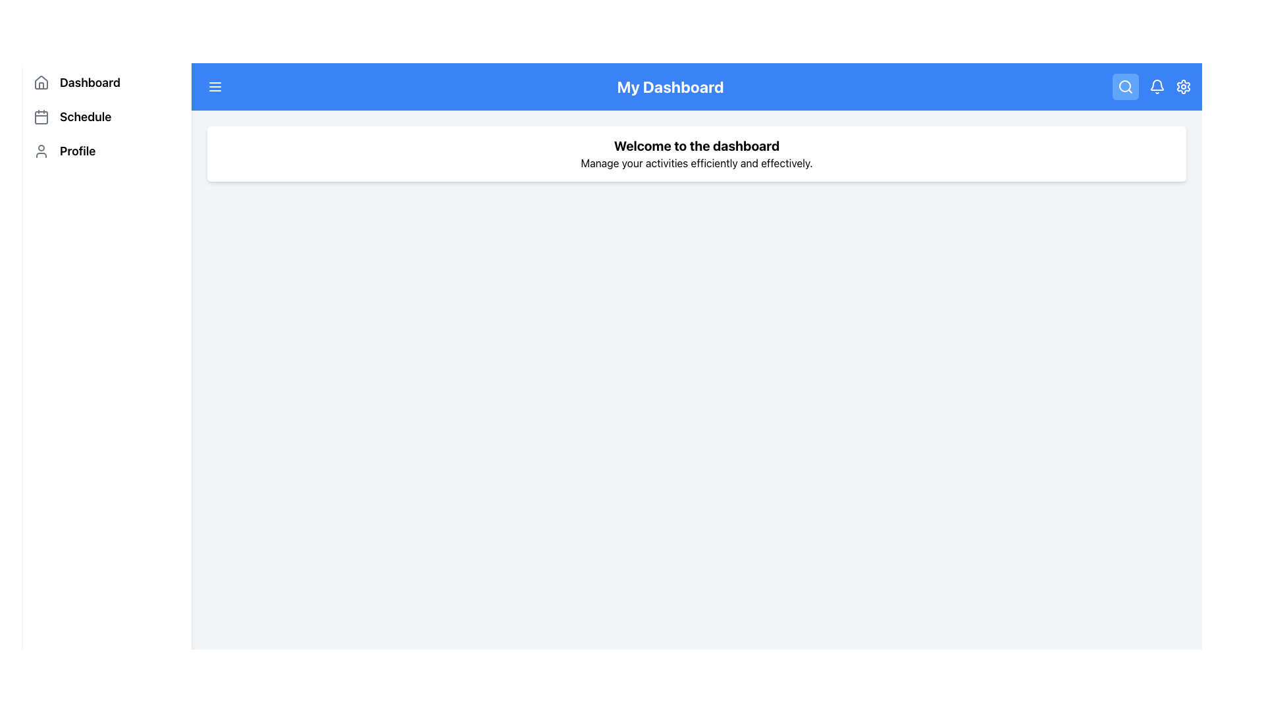  I want to click on the 'Schedule' list item in the vertical navigation bar, so click(107, 116).